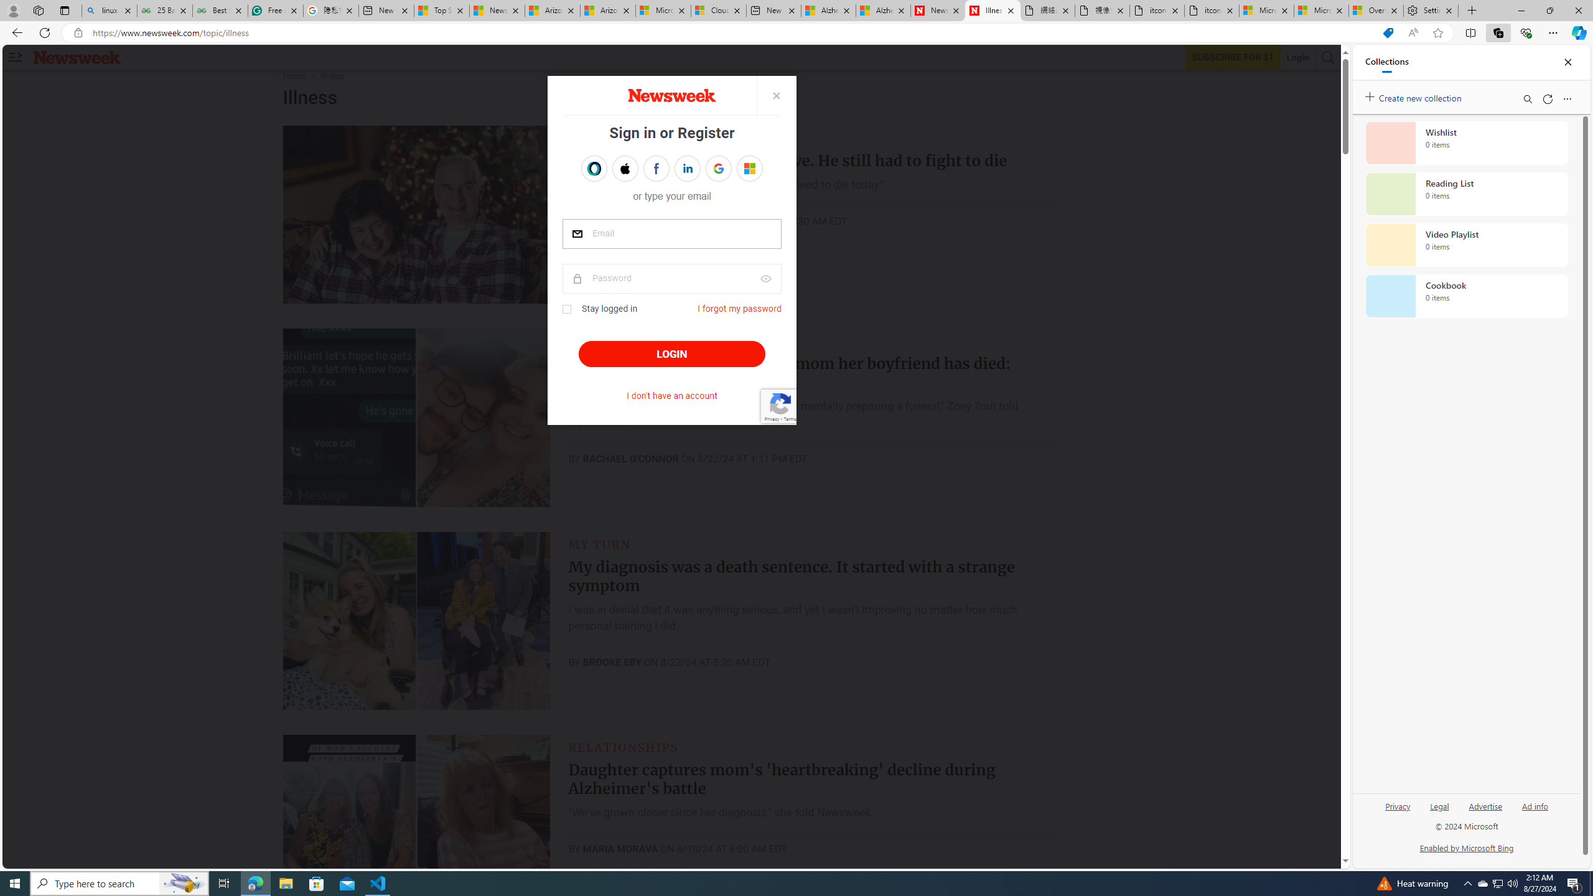  Describe the element at coordinates (655, 169) in the screenshot. I see `'Sign in with FACEBOOK'` at that location.